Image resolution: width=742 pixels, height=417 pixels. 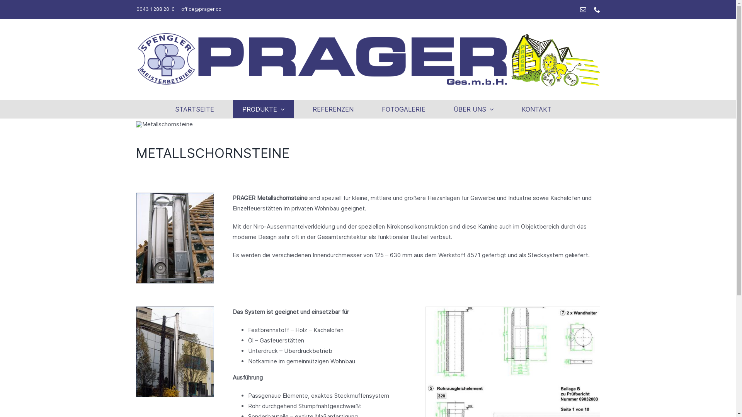 What do you see at coordinates (164, 124) in the screenshot?
I see `'Metallschornsteine'` at bounding box center [164, 124].